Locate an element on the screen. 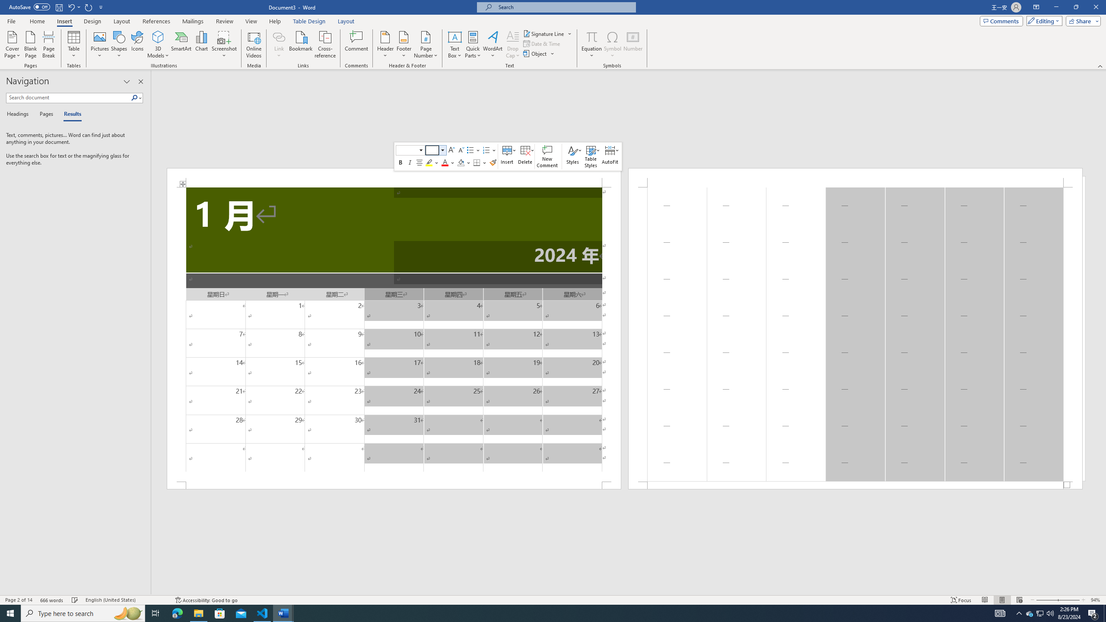  'Start' is located at coordinates (10, 612).